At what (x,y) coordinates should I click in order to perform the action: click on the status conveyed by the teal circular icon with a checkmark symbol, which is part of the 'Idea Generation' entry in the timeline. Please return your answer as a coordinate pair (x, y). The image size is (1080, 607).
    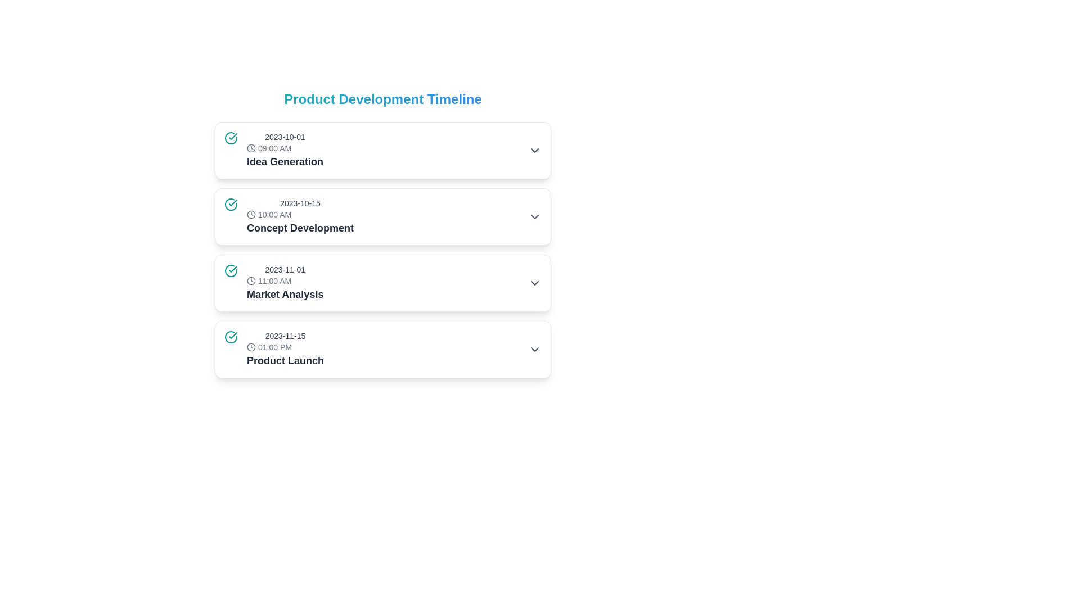
    Looking at the image, I should click on (231, 138).